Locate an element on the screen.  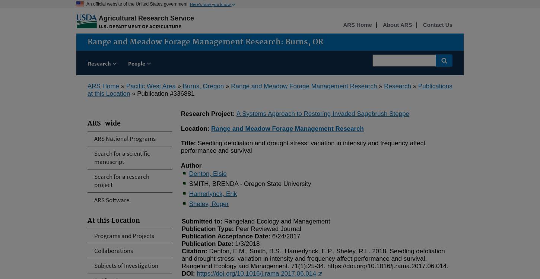
'Agricultural Research Service' is located at coordinates (99, 18).